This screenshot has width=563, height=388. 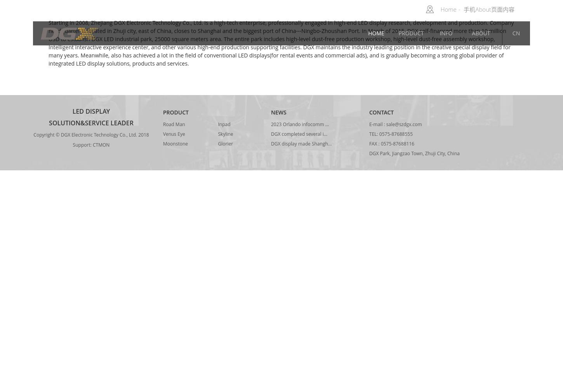 What do you see at coordinates (439, 33) in the screenshot?
I see `'Info'` at bounding box center [439, 33].